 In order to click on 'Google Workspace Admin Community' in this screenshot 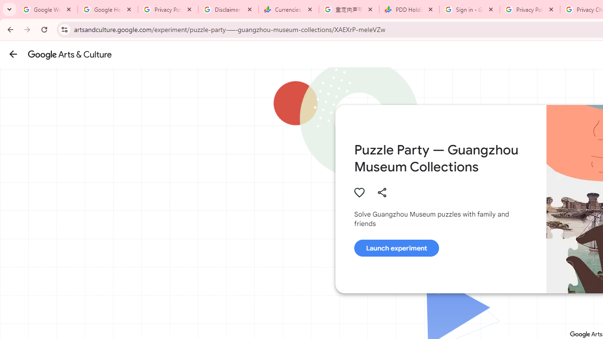, I will do `click(47, 9)`.